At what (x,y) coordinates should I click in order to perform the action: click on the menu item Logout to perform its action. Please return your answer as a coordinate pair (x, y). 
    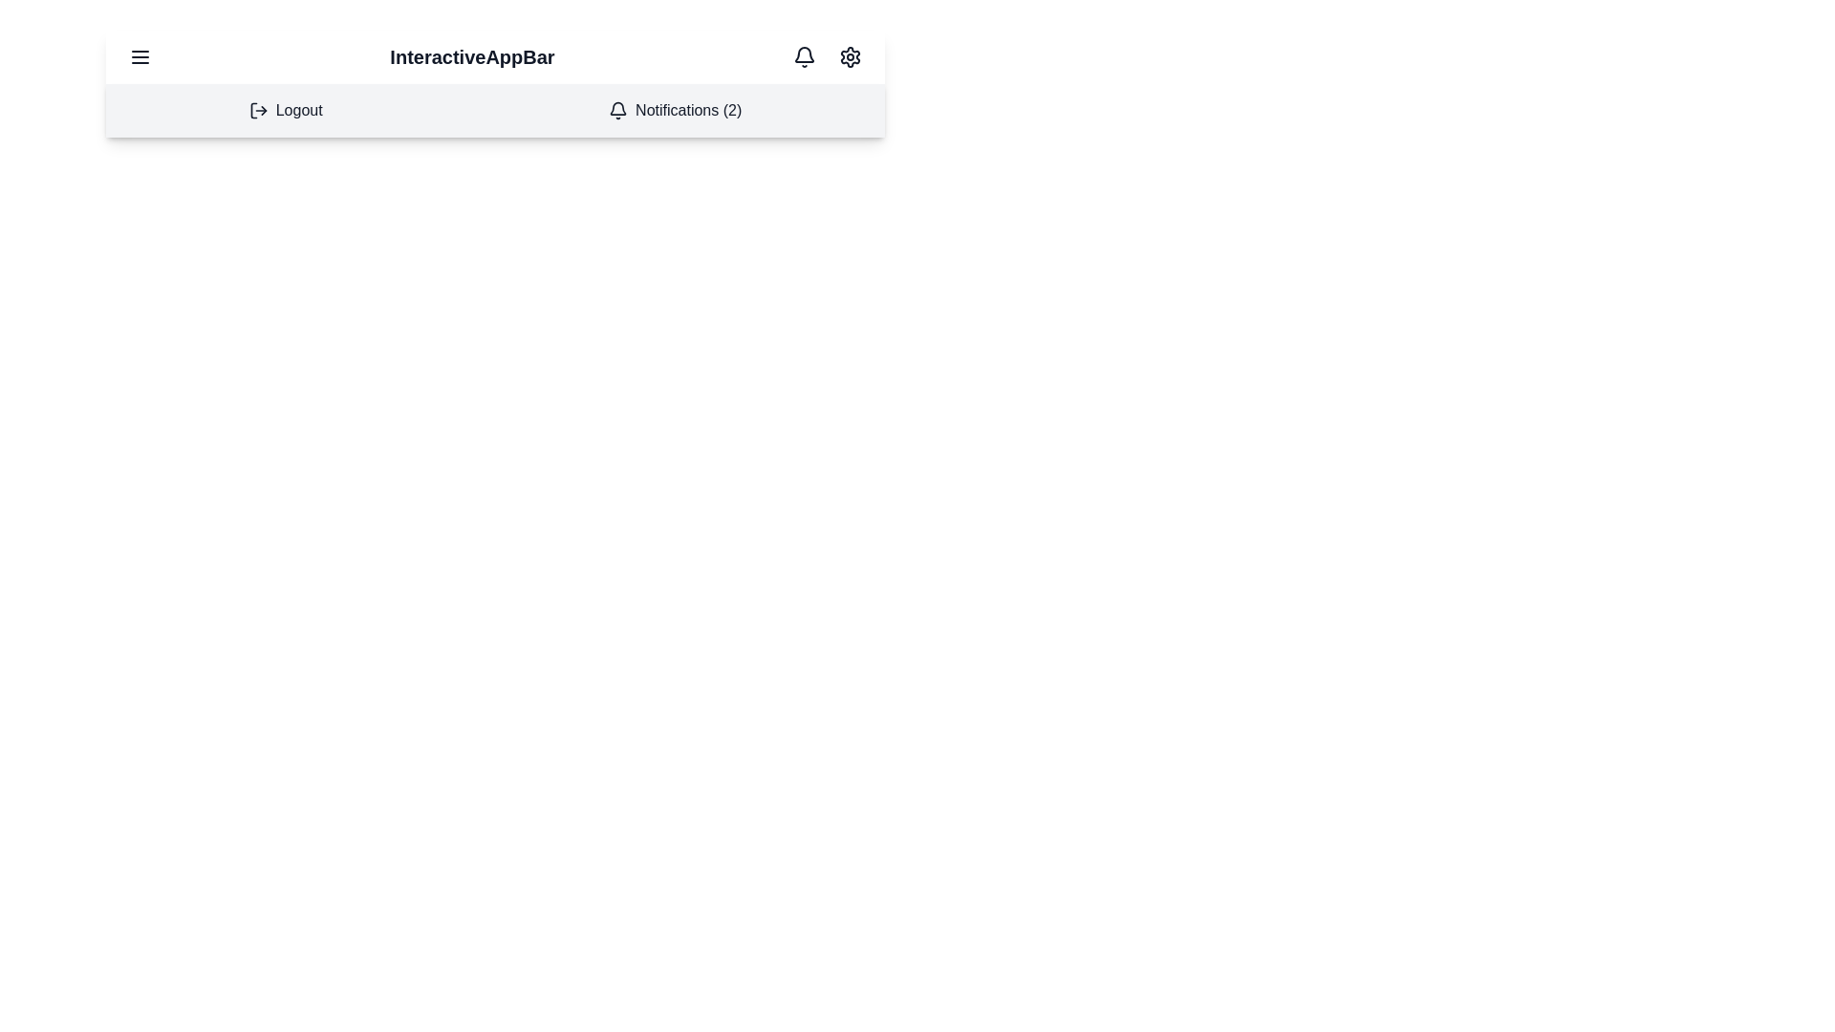
    Looking at the image, I should click on (284, 110).